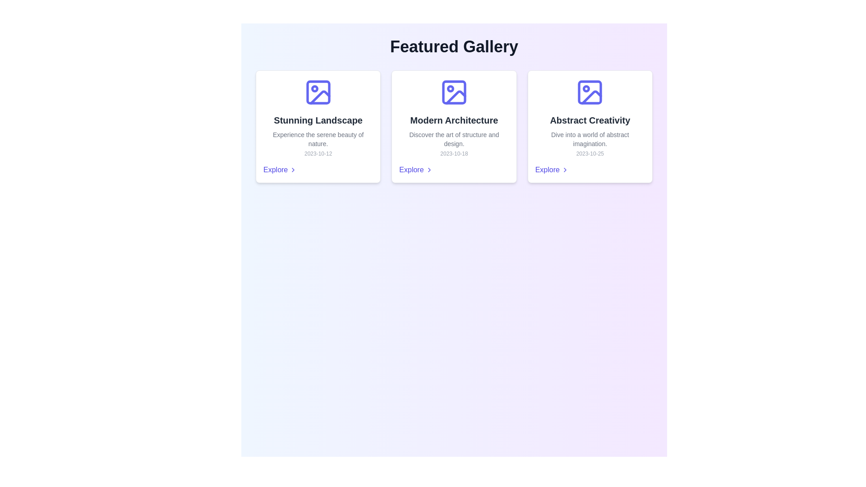 This screenshot has height=487, width=866. Describe the element at coordinates (590, 127) in the screenshot. I see `the Information Card displaying 'Abstract Creativity', which features a blue icon at the top and is the third card in the 'Featured Gallery' section` at that location.